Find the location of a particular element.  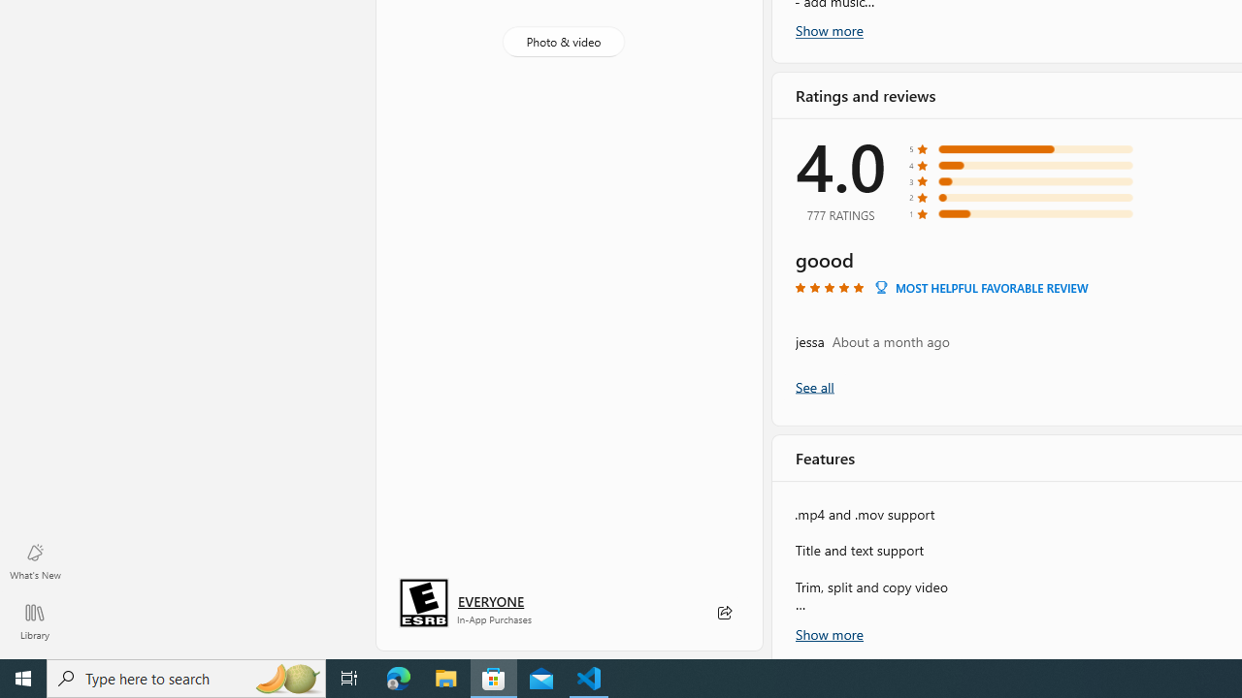

'Show more' is located at coordinates (830, 632).